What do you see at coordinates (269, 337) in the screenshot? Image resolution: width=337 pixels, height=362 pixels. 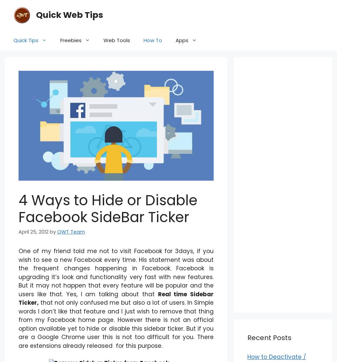 I see `'Recent Posts'` at bounding box center [269, 337].